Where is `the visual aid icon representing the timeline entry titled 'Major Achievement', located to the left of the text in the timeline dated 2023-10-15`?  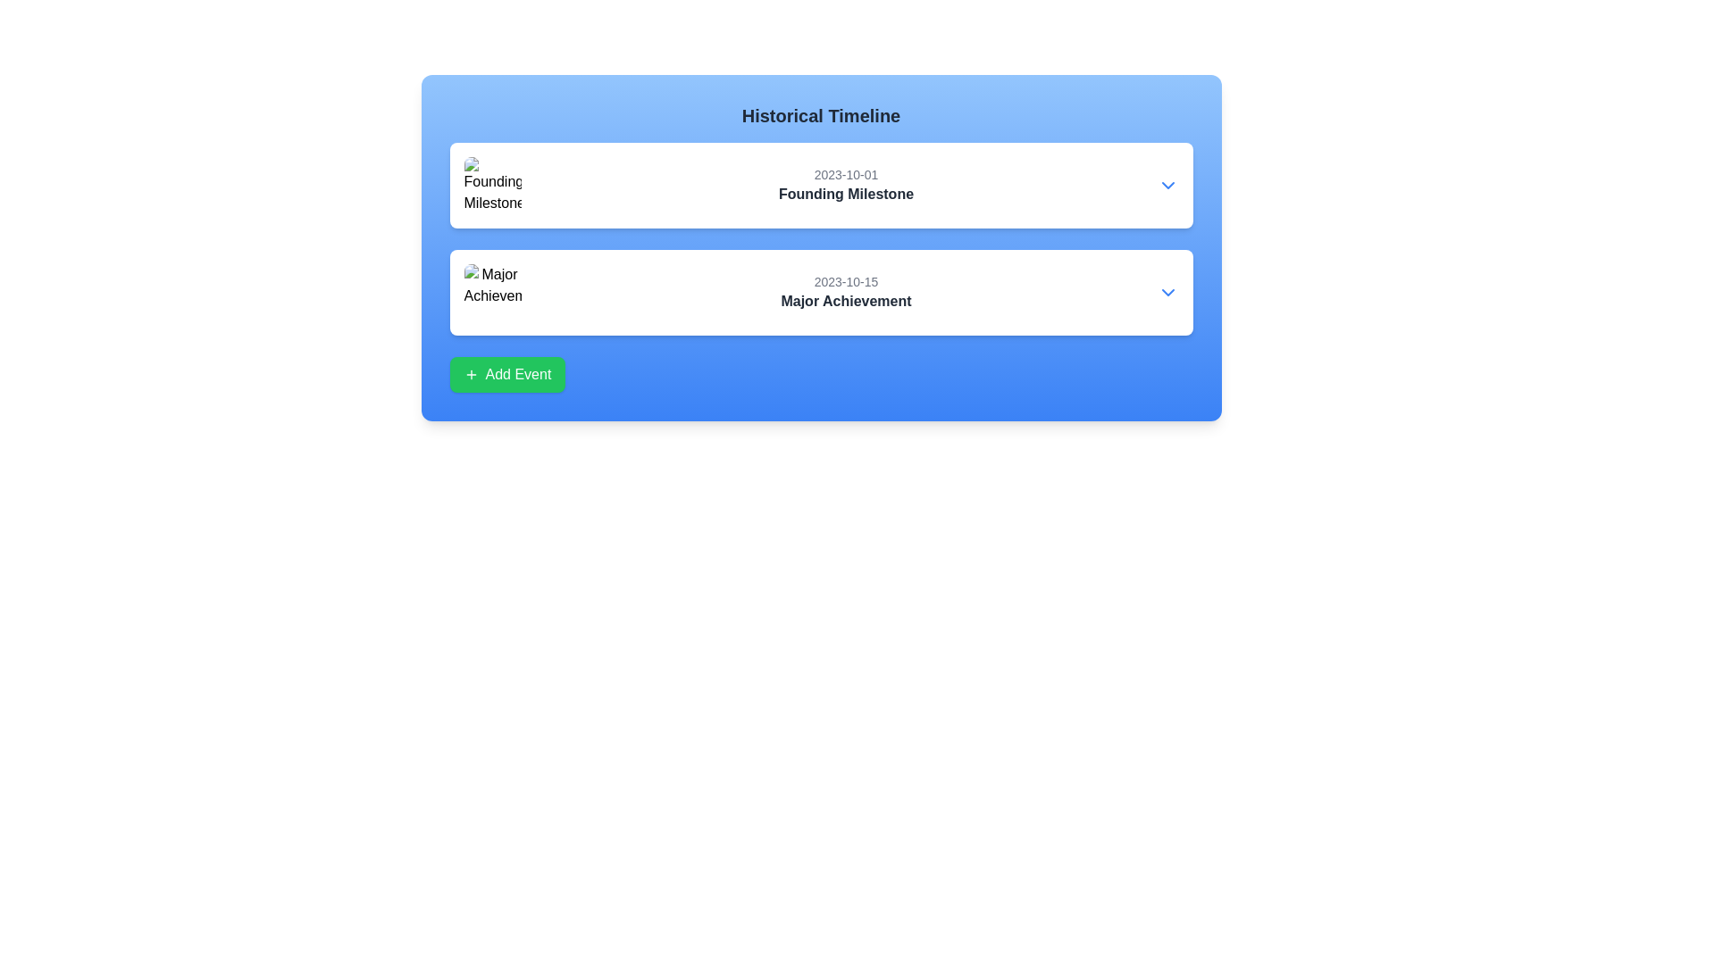
the visual aid icon representing the timeline entry titled 'Major Achievement', located to the left of the text in the timeline dated 2023-10-15 is located at coordinates (492, 291).